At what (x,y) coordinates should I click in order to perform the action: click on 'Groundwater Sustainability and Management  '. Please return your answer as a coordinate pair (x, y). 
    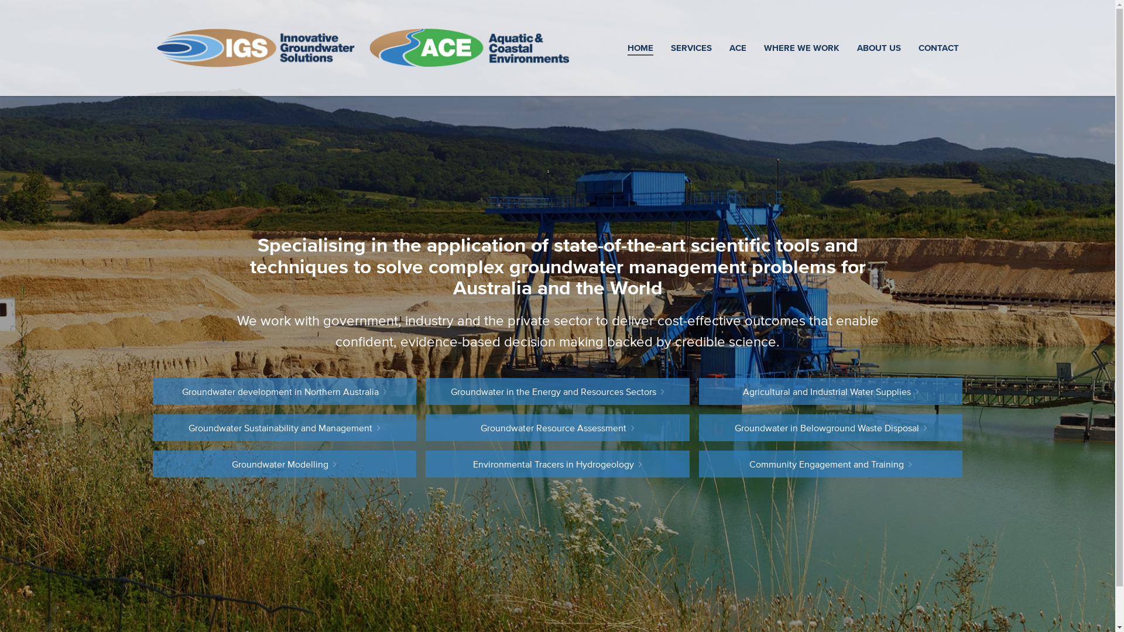
    Looking at the image, I should click on (284, 428).